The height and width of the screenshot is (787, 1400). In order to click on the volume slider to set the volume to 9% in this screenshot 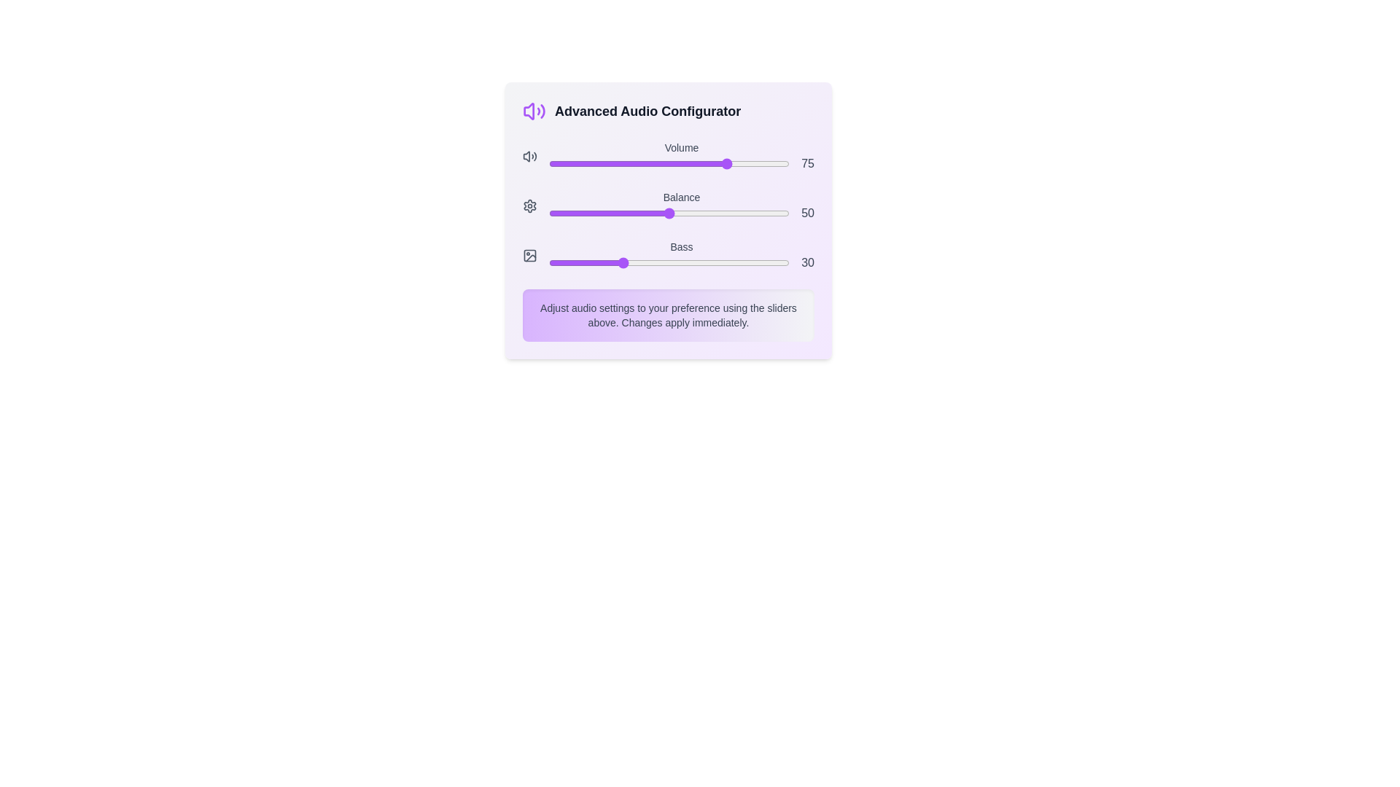, I will do `click(569, 163)`.